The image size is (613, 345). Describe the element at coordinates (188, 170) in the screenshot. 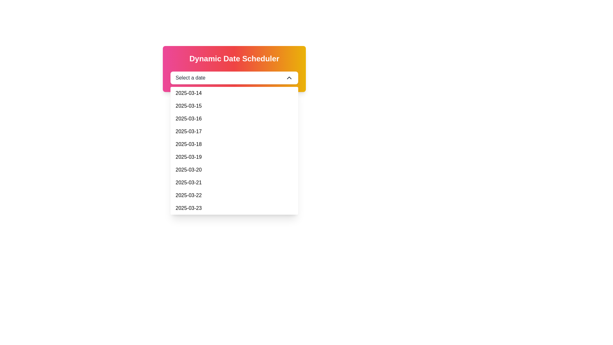

I see `the seventh selectable date option in the dropdown menu labeled 'Select a date' to set it to '2025-03-20'` at that location.